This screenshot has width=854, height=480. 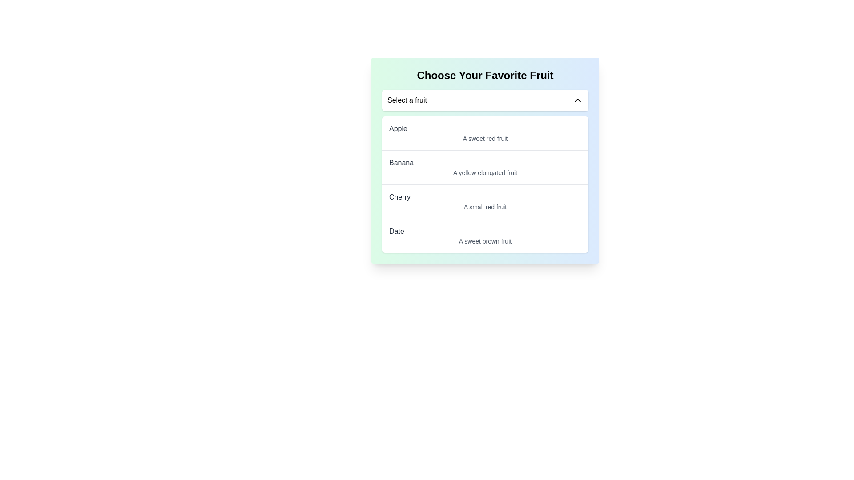 I want to click on the 'Cherry' text label located in the third row of the selectable items under 'Choose Your Favorite Fruit.', so click(x=399, y=196).